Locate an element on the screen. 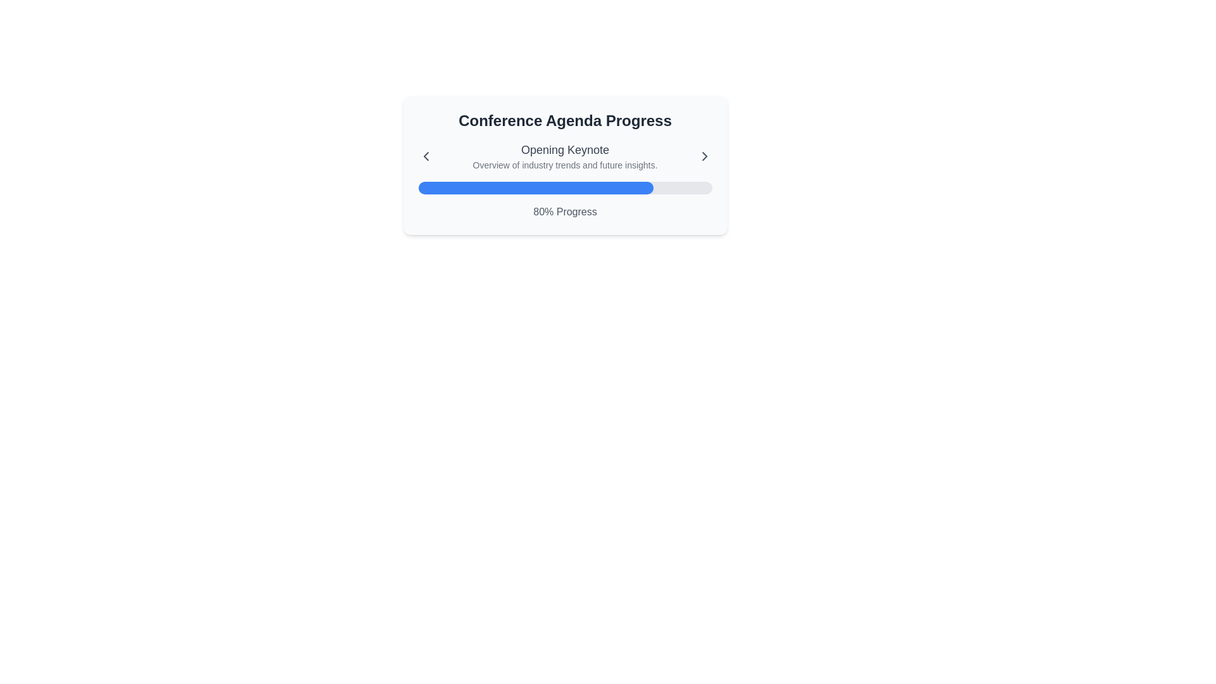 The image size is (1216, 684). the right-pointing chevron icon button located at the extreme right of the 'Conference Agenda Progress' card is located at coordinates (704, 155).